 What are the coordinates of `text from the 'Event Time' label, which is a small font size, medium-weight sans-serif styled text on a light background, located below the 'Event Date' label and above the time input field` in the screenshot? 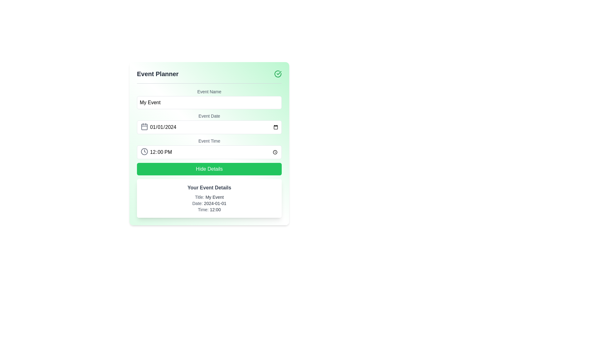 It's located at (209, 141).